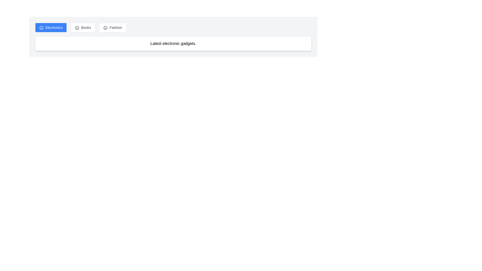 The height and width of the screenshot is (271, 482). Describe the element at coordinates (41, 28) in the screenshot. I see `the decorative Circle SVG component located in the icon of the 'Electronics' button at the top of the interface` at that location.